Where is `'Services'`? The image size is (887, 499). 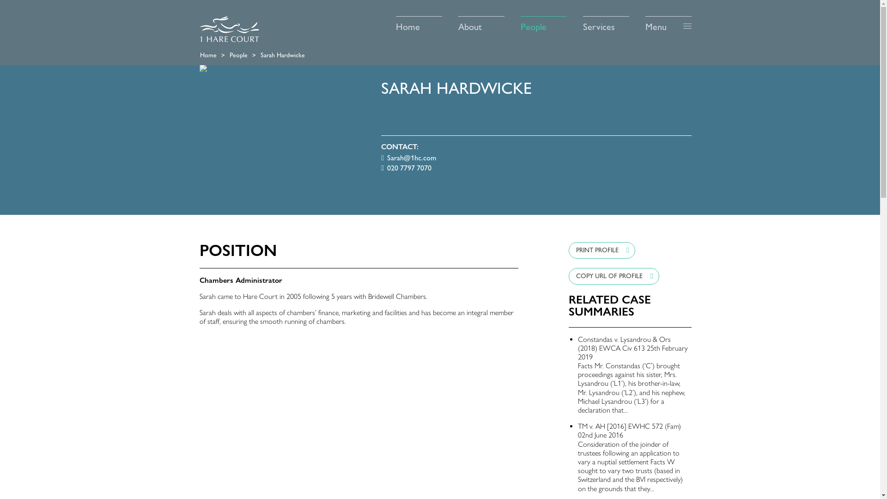 'Services' is located at coordinates (606, 23).